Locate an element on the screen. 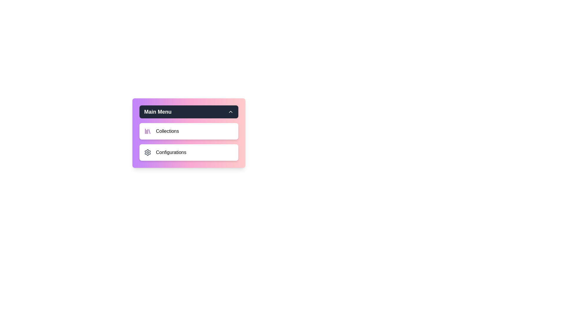 This screenshot has height=318, width=565. the settings icon located at the bottom right inside the 'Configurations' menu option is located at coordinates (148, 152).